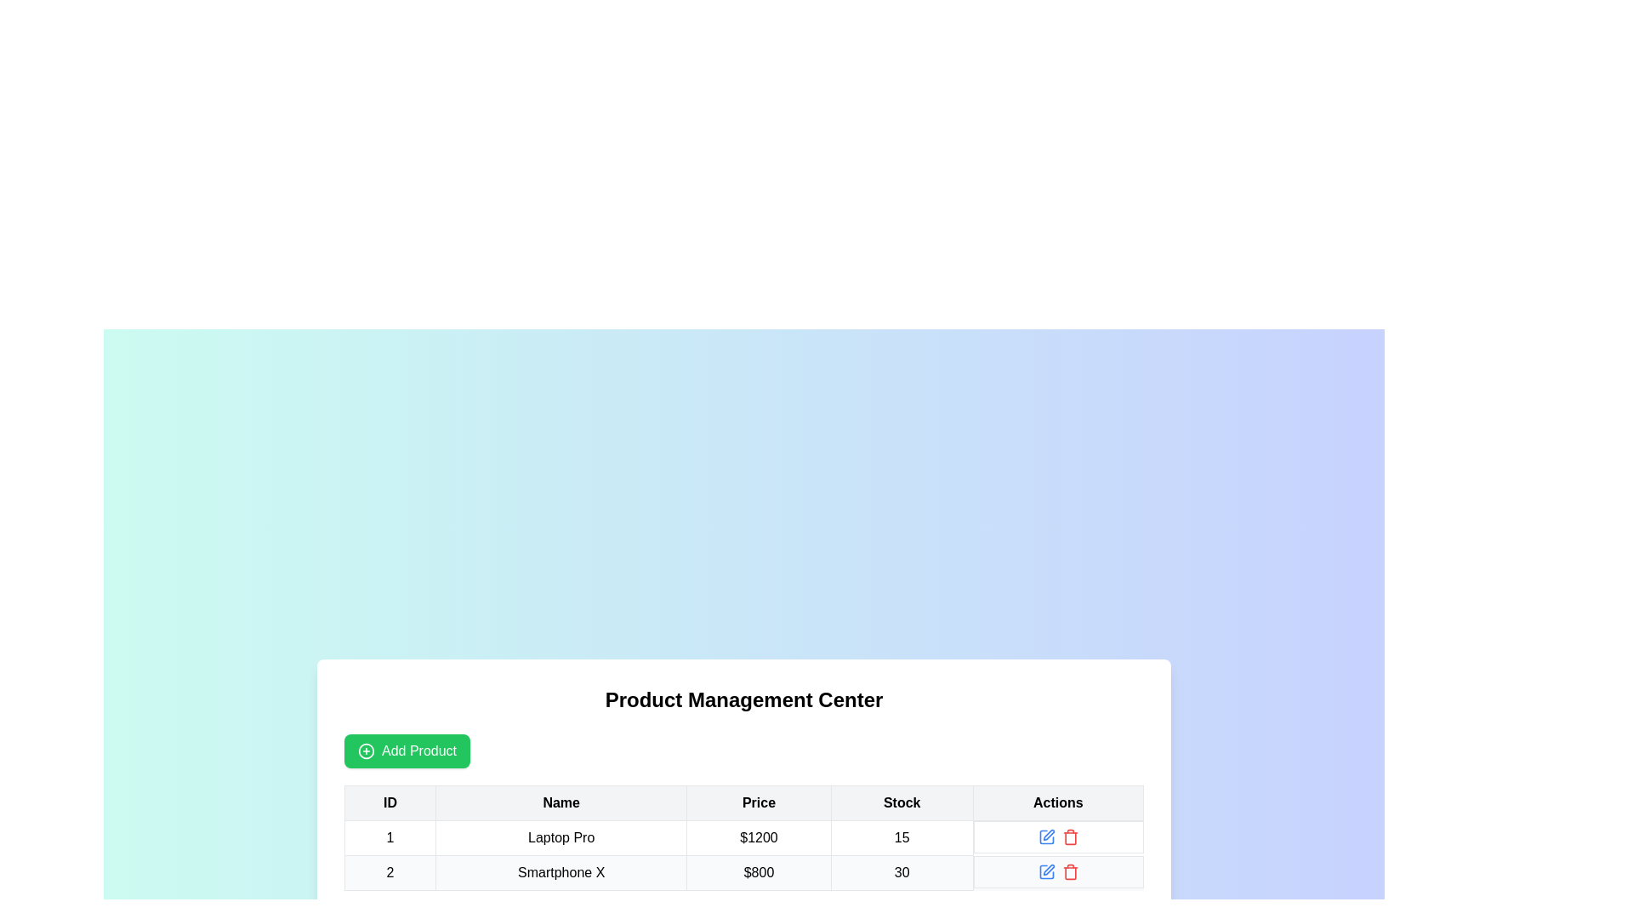 The width and height of the screenshot is (1633, 919). Describe the element at coordinates (390, 836) in the screenshot. I see `the first cell in the first row of the table that displays the identifier '1' in the 'ID' column, adjacent to the 'Laptop Pro' name in the 'Name' column` at that location.